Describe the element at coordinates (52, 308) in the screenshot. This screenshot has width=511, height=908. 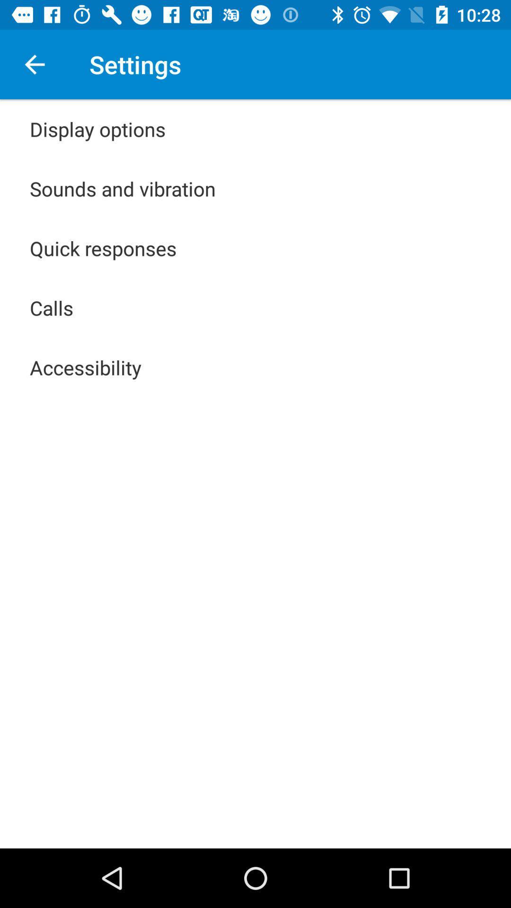
I see `the calls item` at that location.